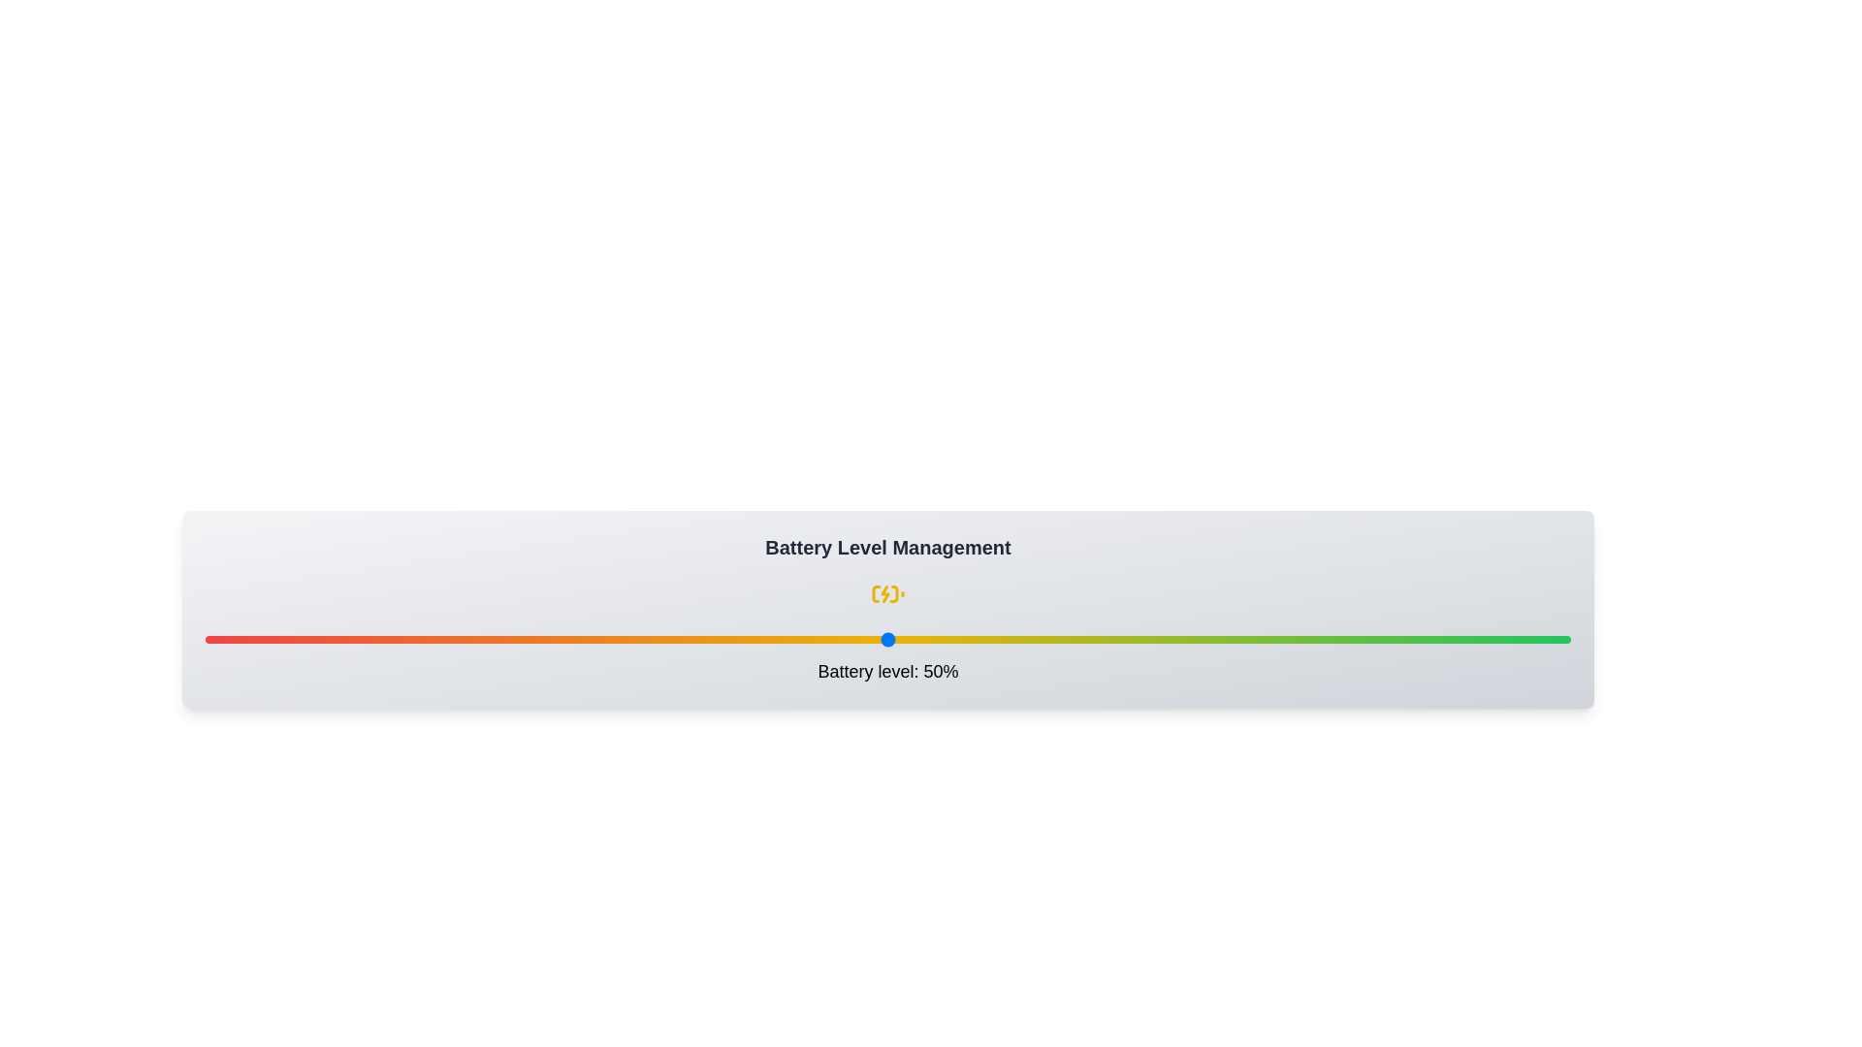 Image resolution: width=1862 pixels, height=1047 pixels. I want to click on the battery level to 69% by interacting with the slider, so click(1147, 639).